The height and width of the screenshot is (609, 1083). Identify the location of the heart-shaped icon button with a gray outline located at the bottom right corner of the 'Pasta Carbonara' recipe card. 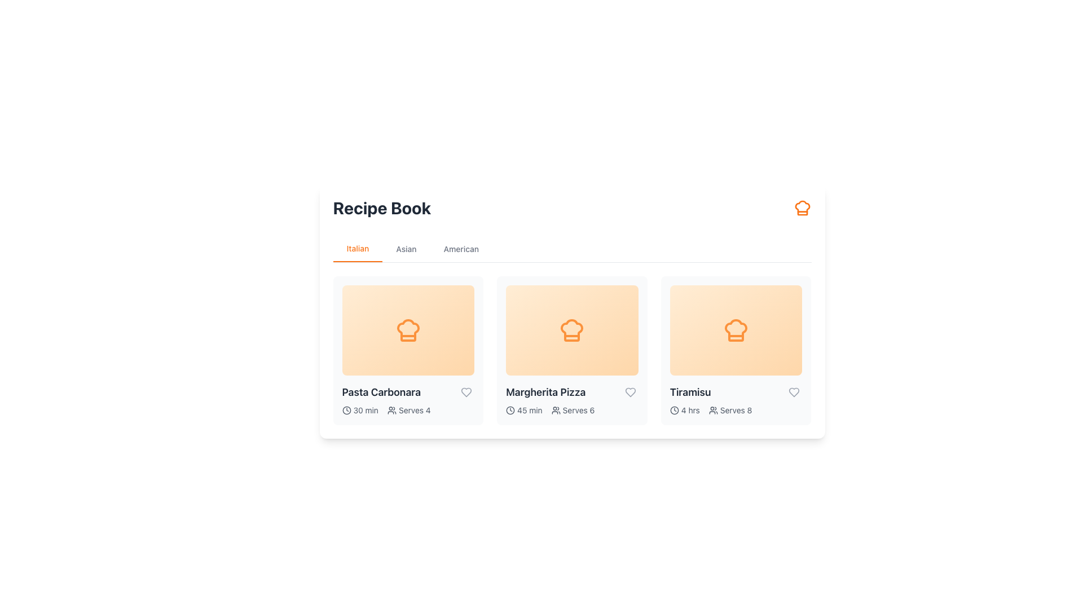
(466, 391).